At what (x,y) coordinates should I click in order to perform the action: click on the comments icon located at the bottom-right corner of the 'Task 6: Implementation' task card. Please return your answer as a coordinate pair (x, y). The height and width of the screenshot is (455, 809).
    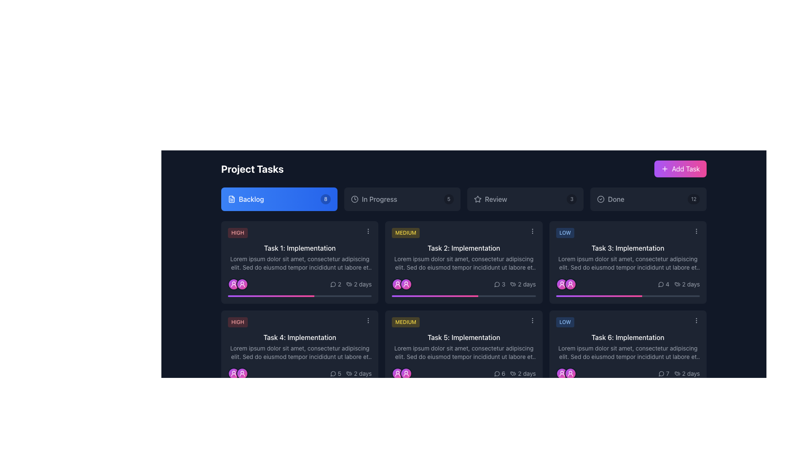
    Looking at the image, I should click on (661, 373).